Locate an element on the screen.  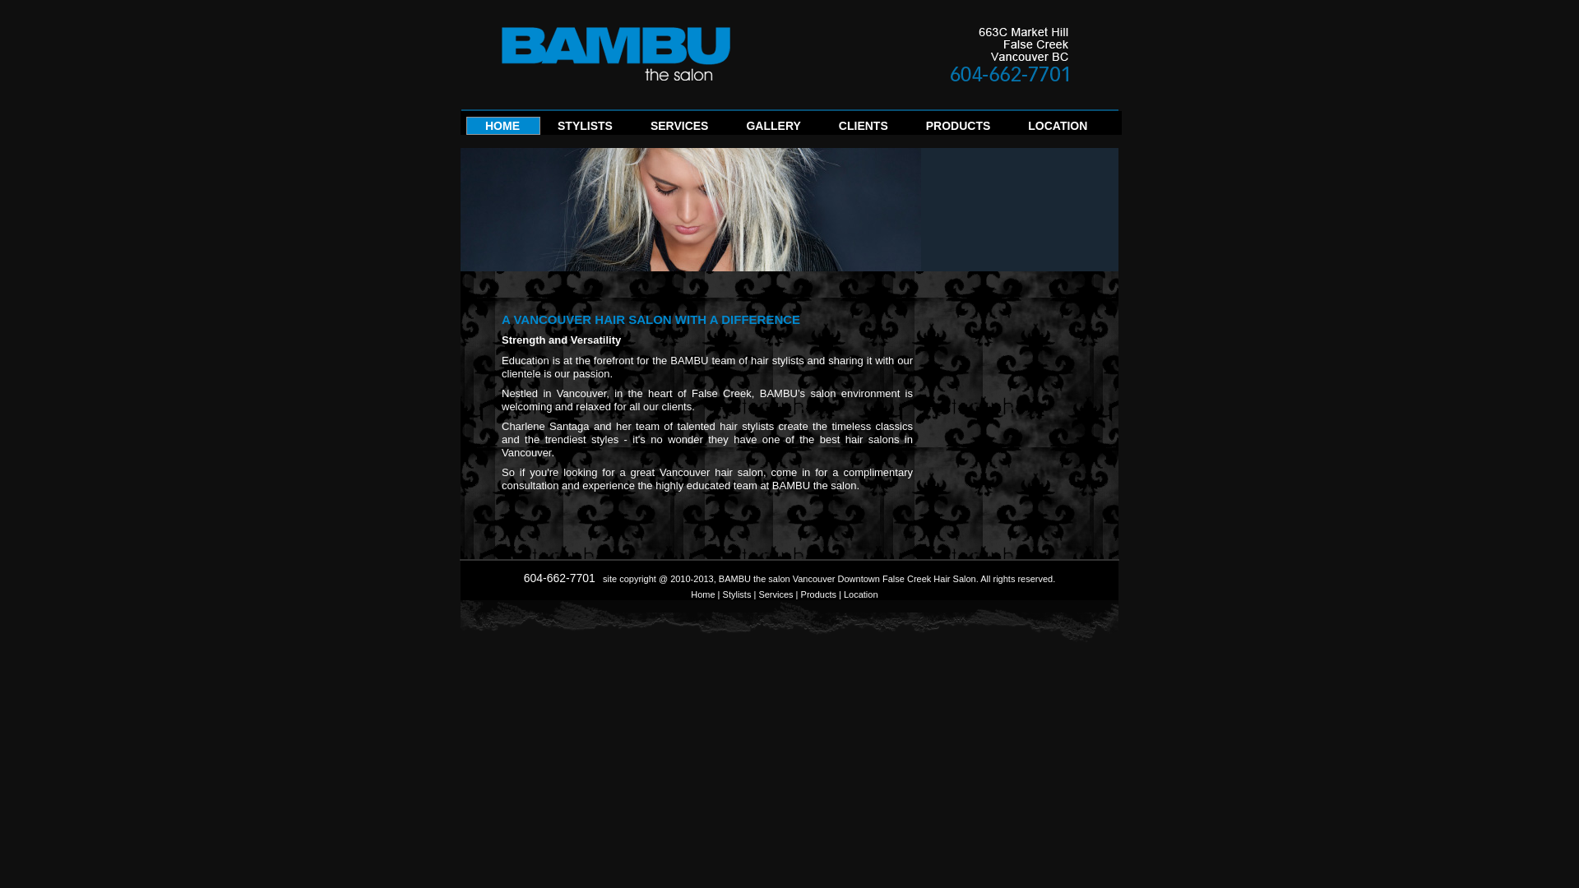
'Stylists' is located at coordinates (722, 594).